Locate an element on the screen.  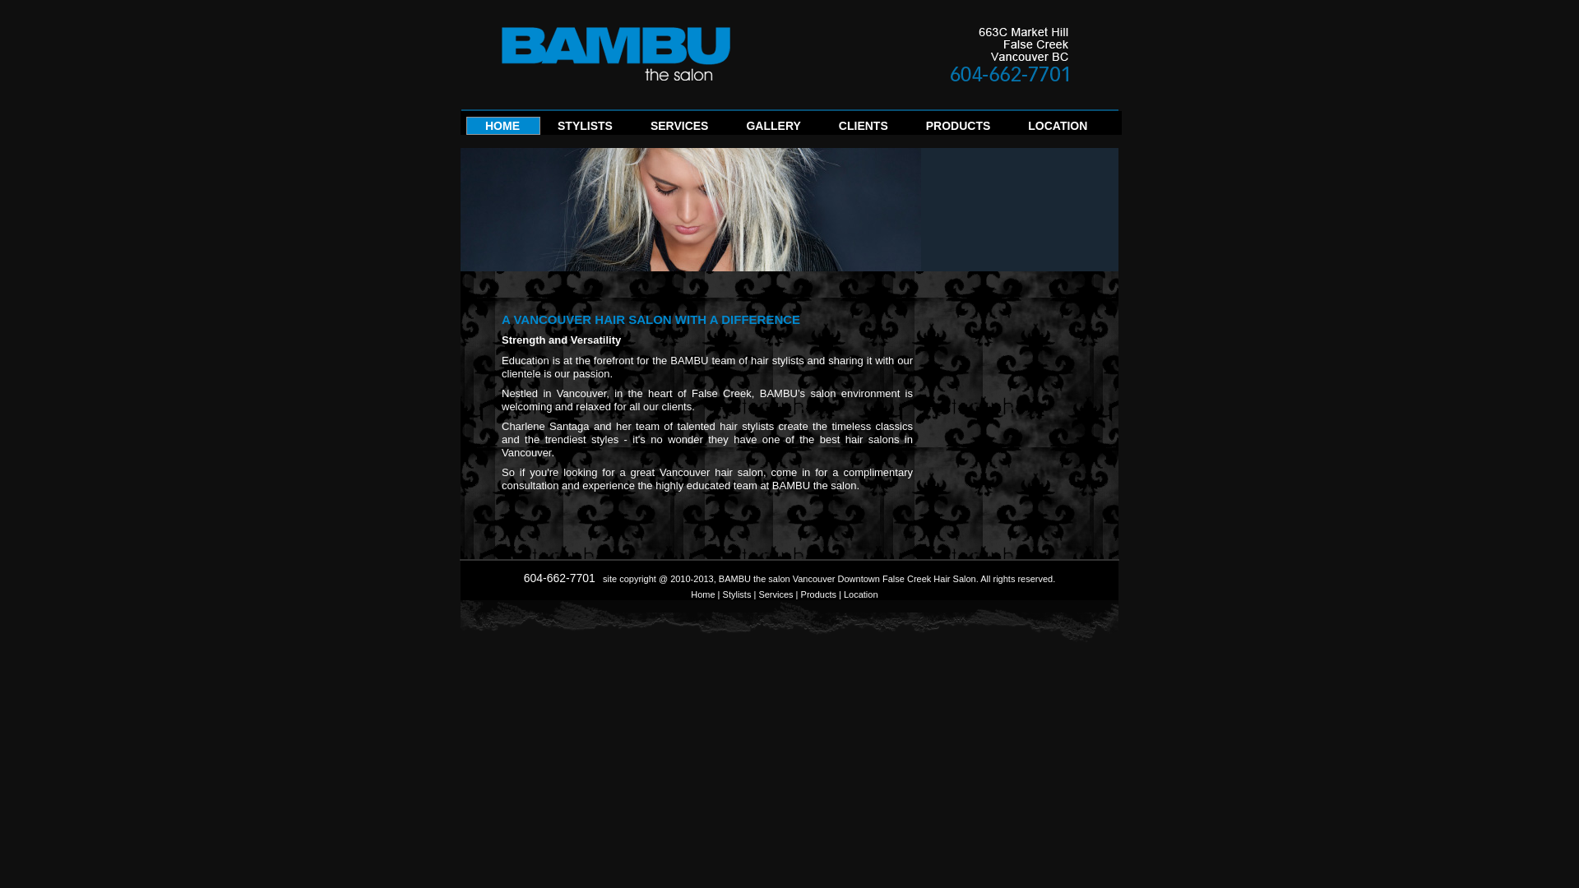
'Stylists' is located at coordinates (722, 594).